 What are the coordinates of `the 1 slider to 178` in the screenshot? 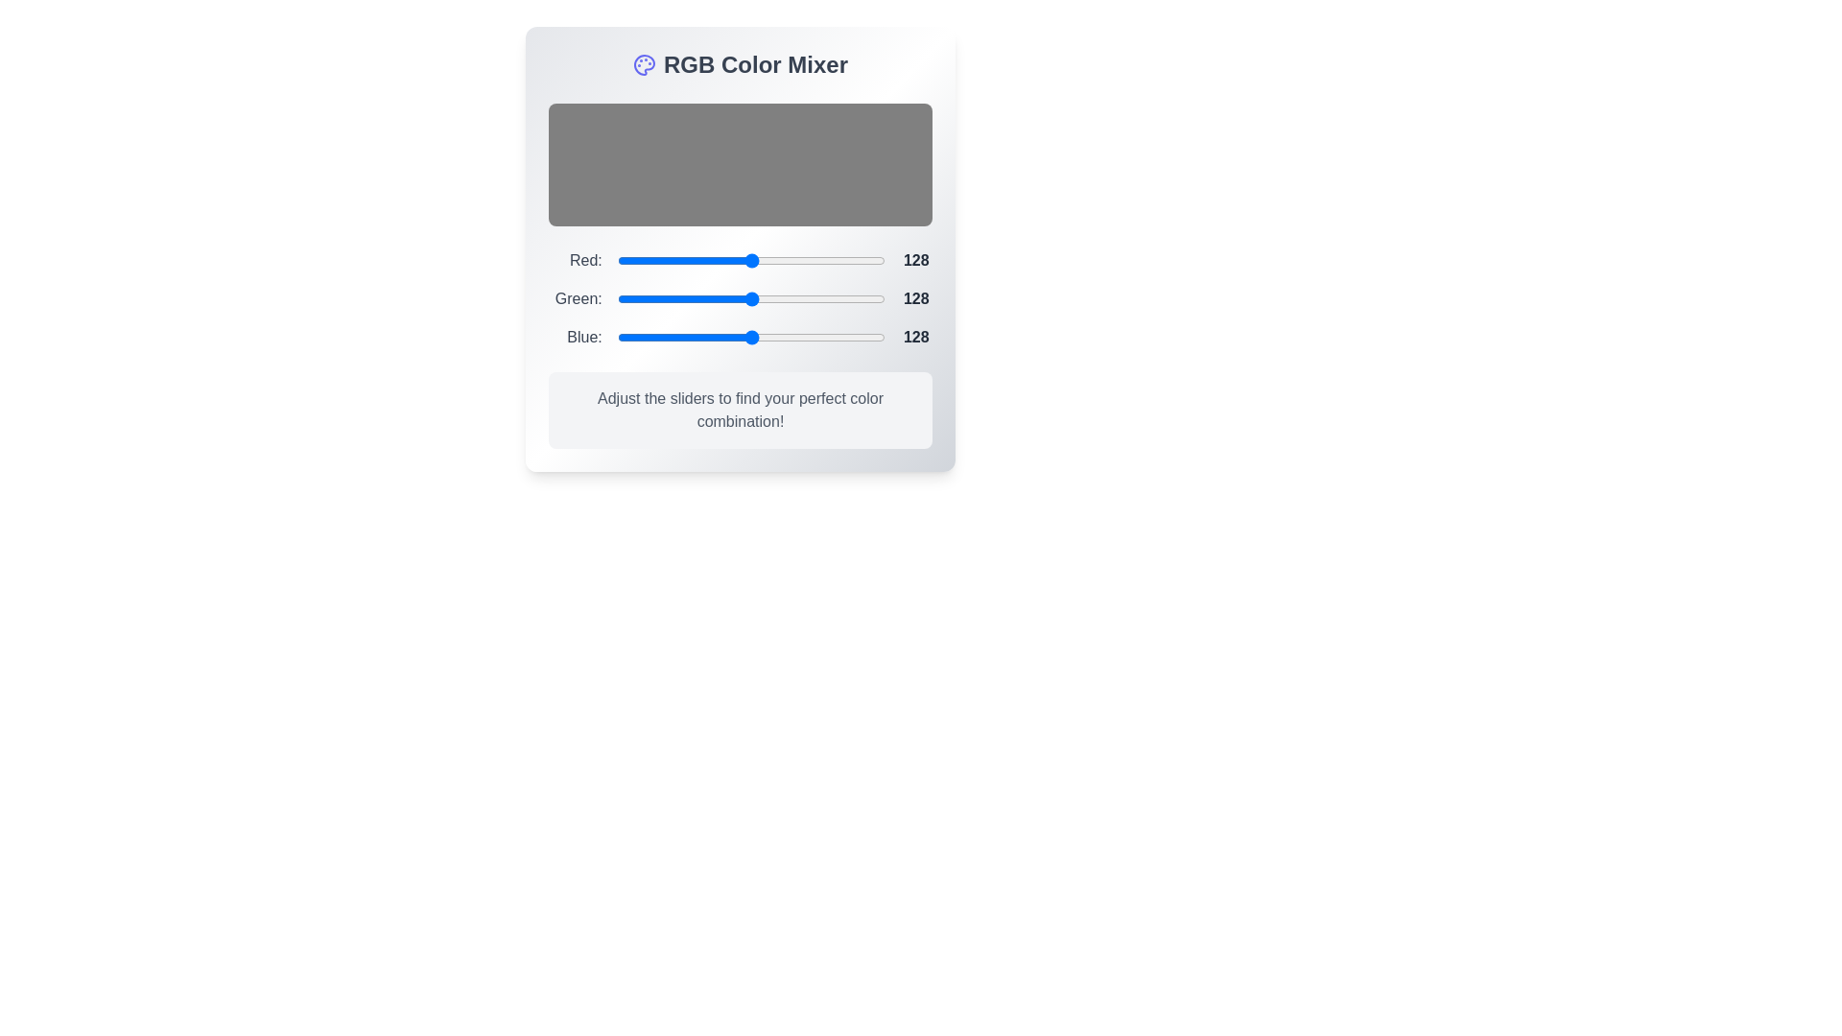 It's located at (804, 299).